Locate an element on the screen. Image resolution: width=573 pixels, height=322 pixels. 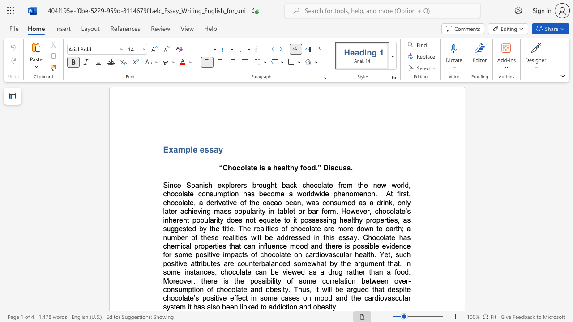
the subset text "a food. Moreover, there is the possib" within the text "the argument that, in some instances, chocolate can be viewed as a drug rather than a food. Moreover, there is the possibility of some correlation between over-consumption of chocolate and obesity. Thus, it will be argued that despite chocolate’s positive effect in some cases on mood and the cardiovascular syst" is located at coordinates (387, 271).